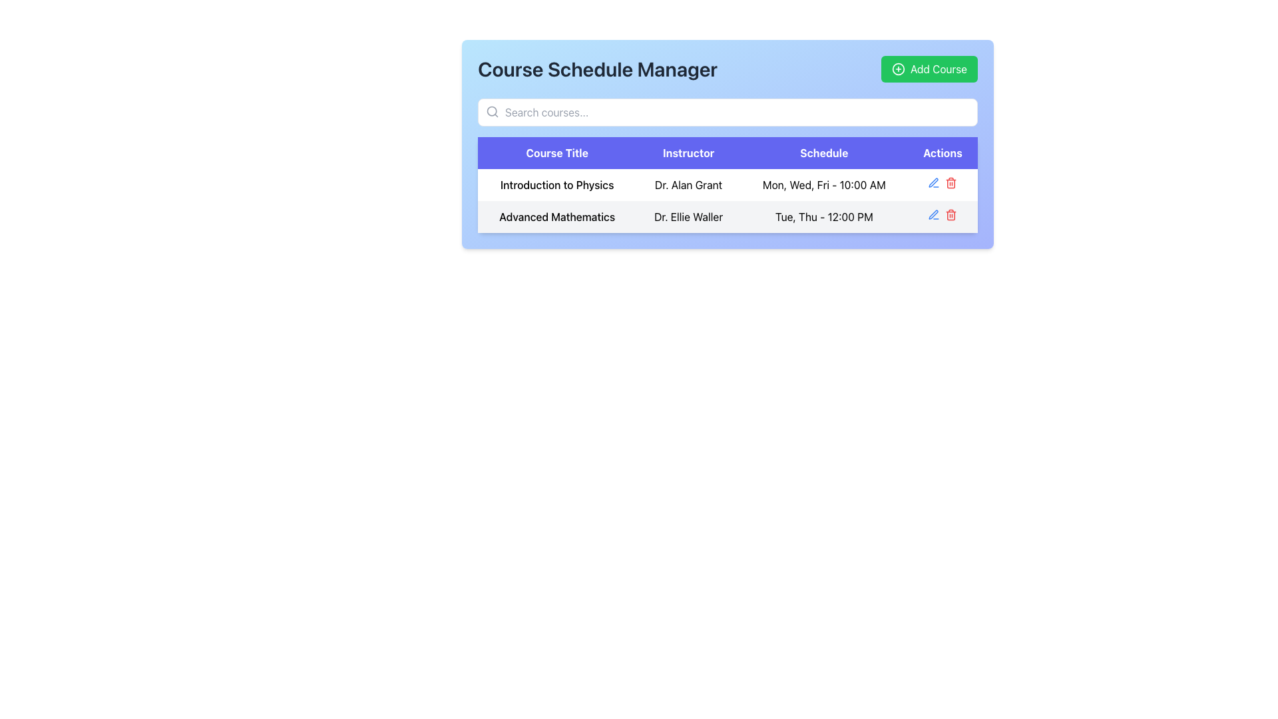 The width and height of the screenshot is (1278, 719). Describe the element at coordinates (688, 152) in the screenshot. I see `the static text label 'Instructor' which is the second column header in the table, styled with a purple background and white text` at that location.